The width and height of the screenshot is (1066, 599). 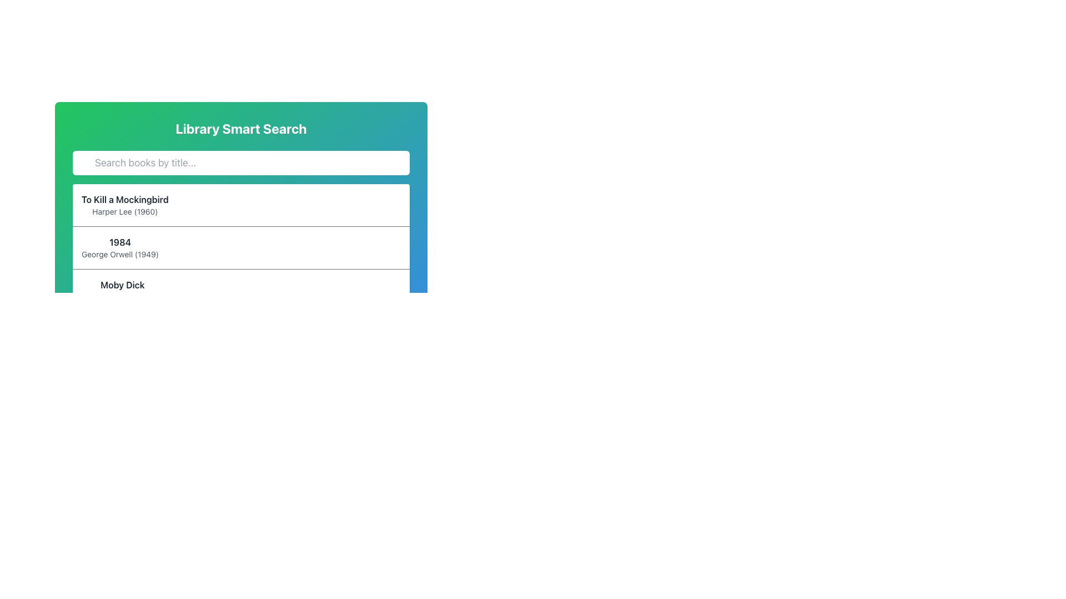 What do you see at coordinates (240, 190) in the screenshot?
I see `the clickable list item representing the book 'To Kill a Mockingbird'` at bounding box center [240, 190].